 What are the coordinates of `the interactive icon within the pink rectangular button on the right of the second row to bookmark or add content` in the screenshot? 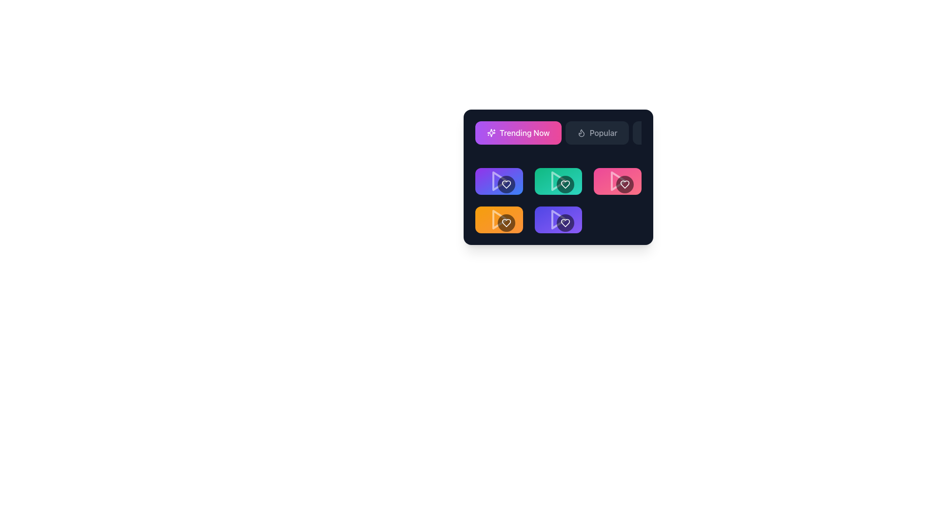 It's located at (643, 177).